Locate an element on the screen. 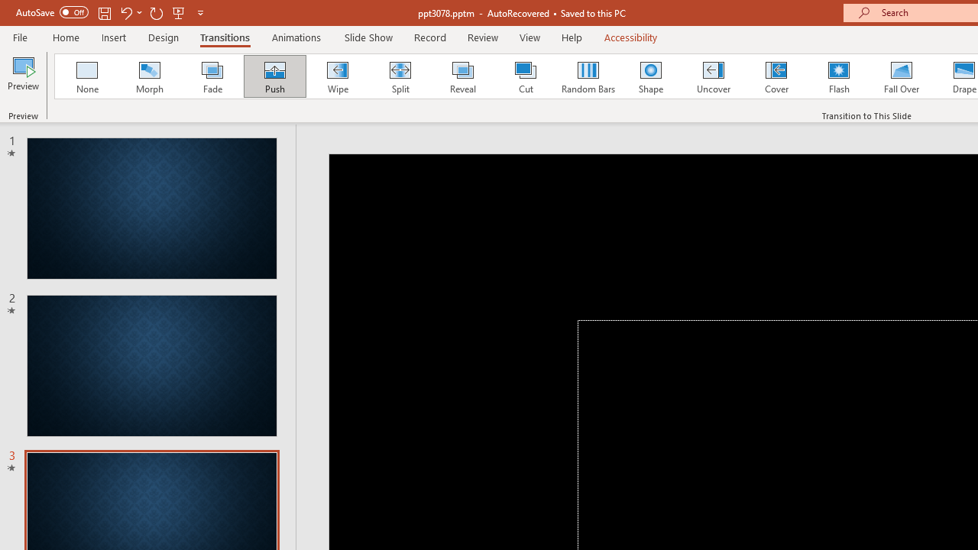 This screenshot has width=978, height=550. 'Reveal' is located at coordinates (461, 76).